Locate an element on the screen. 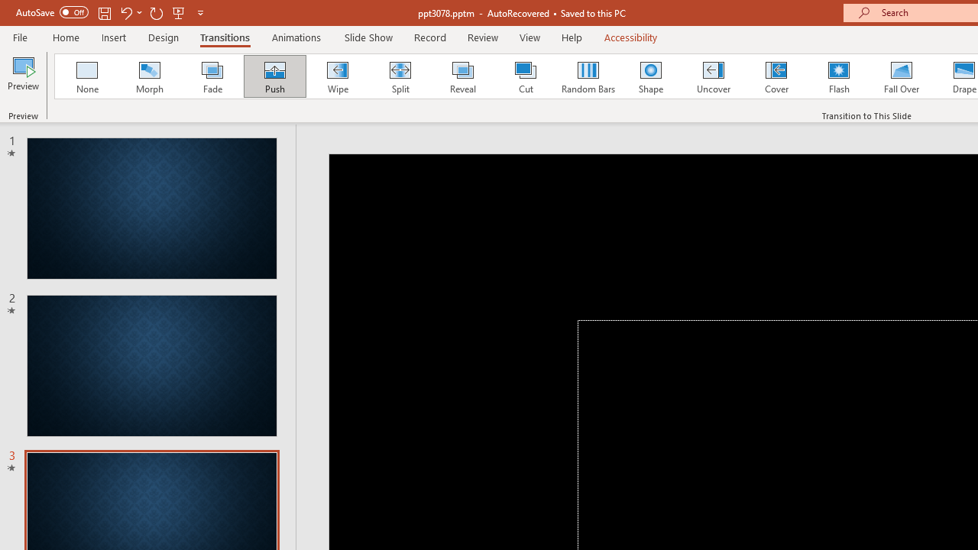 This screenshot has width=978, height=550. 'Reveal' is located at coordinates (461, 76).